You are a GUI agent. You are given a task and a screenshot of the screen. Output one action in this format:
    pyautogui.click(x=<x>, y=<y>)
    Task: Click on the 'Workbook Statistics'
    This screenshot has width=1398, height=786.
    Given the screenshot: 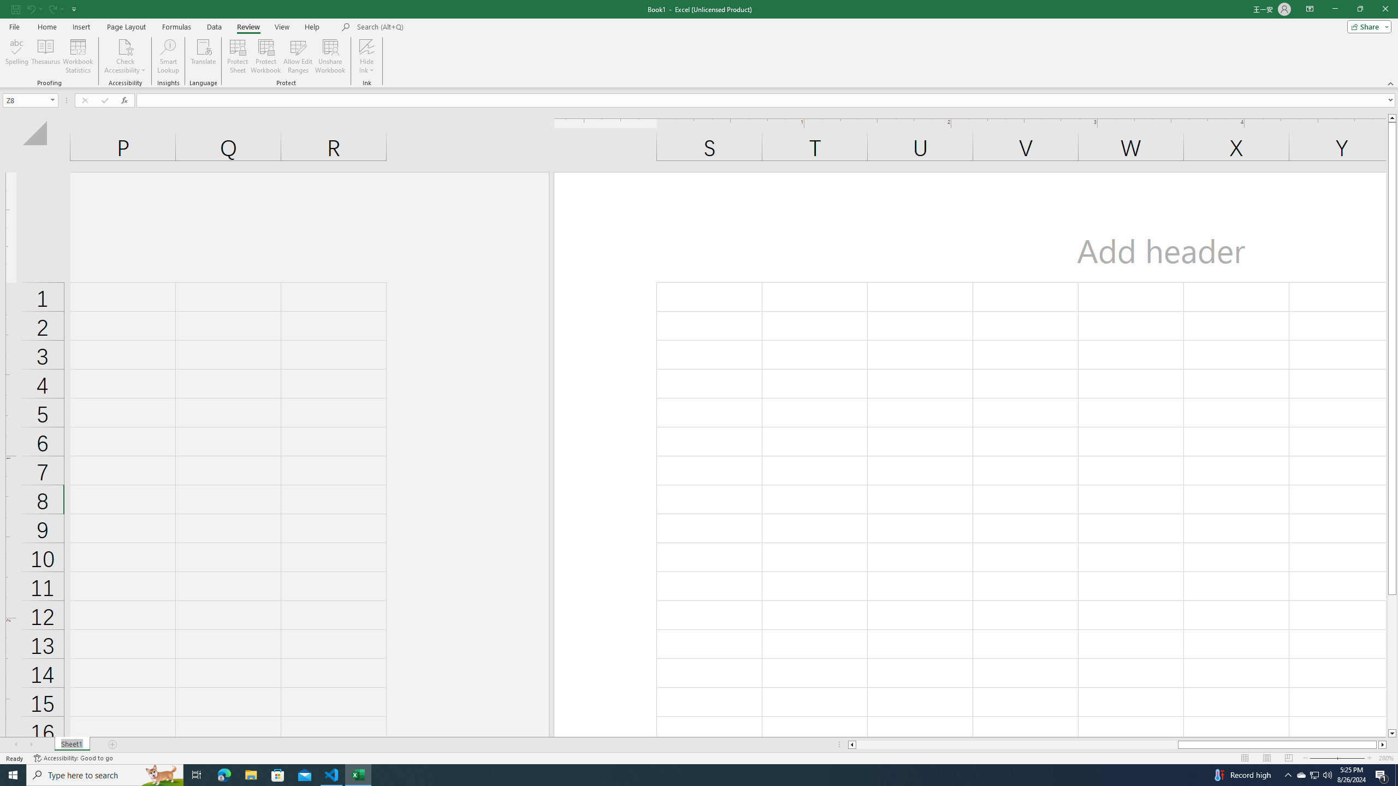 What is the action you would take?
    pyautogui.click(x=78, y=56)
    